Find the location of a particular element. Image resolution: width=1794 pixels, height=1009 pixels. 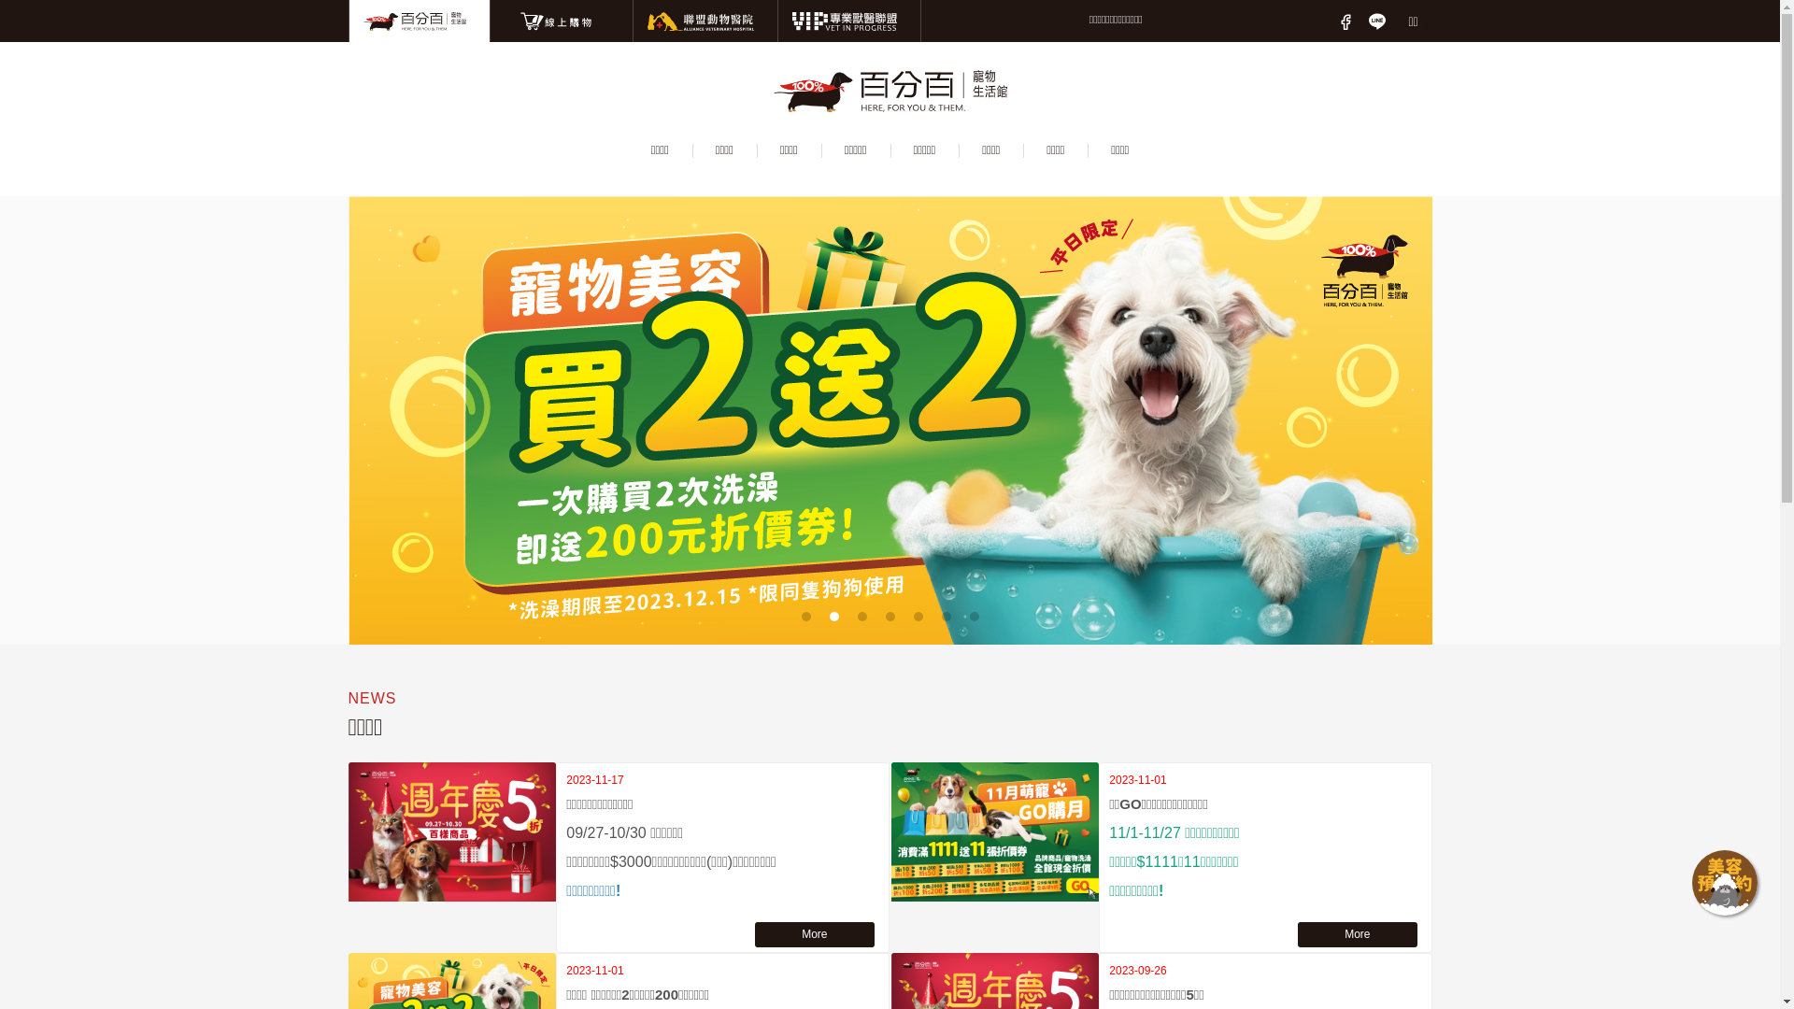

'4' is located at coordinates (890, 616).